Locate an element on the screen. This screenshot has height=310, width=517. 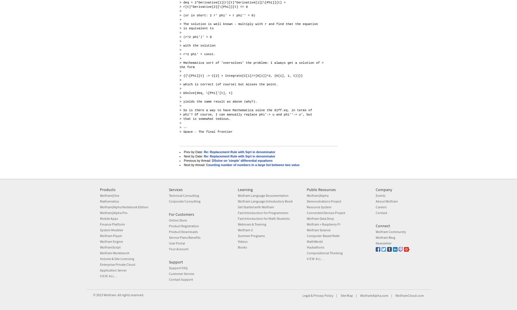
'Finance Platform' is located at coordinates (100, 224).